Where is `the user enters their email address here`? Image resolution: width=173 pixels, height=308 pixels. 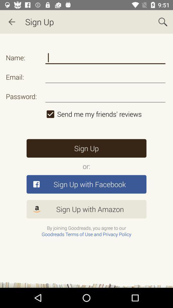 the user enters their email address here is located at coordinates (105, 77).